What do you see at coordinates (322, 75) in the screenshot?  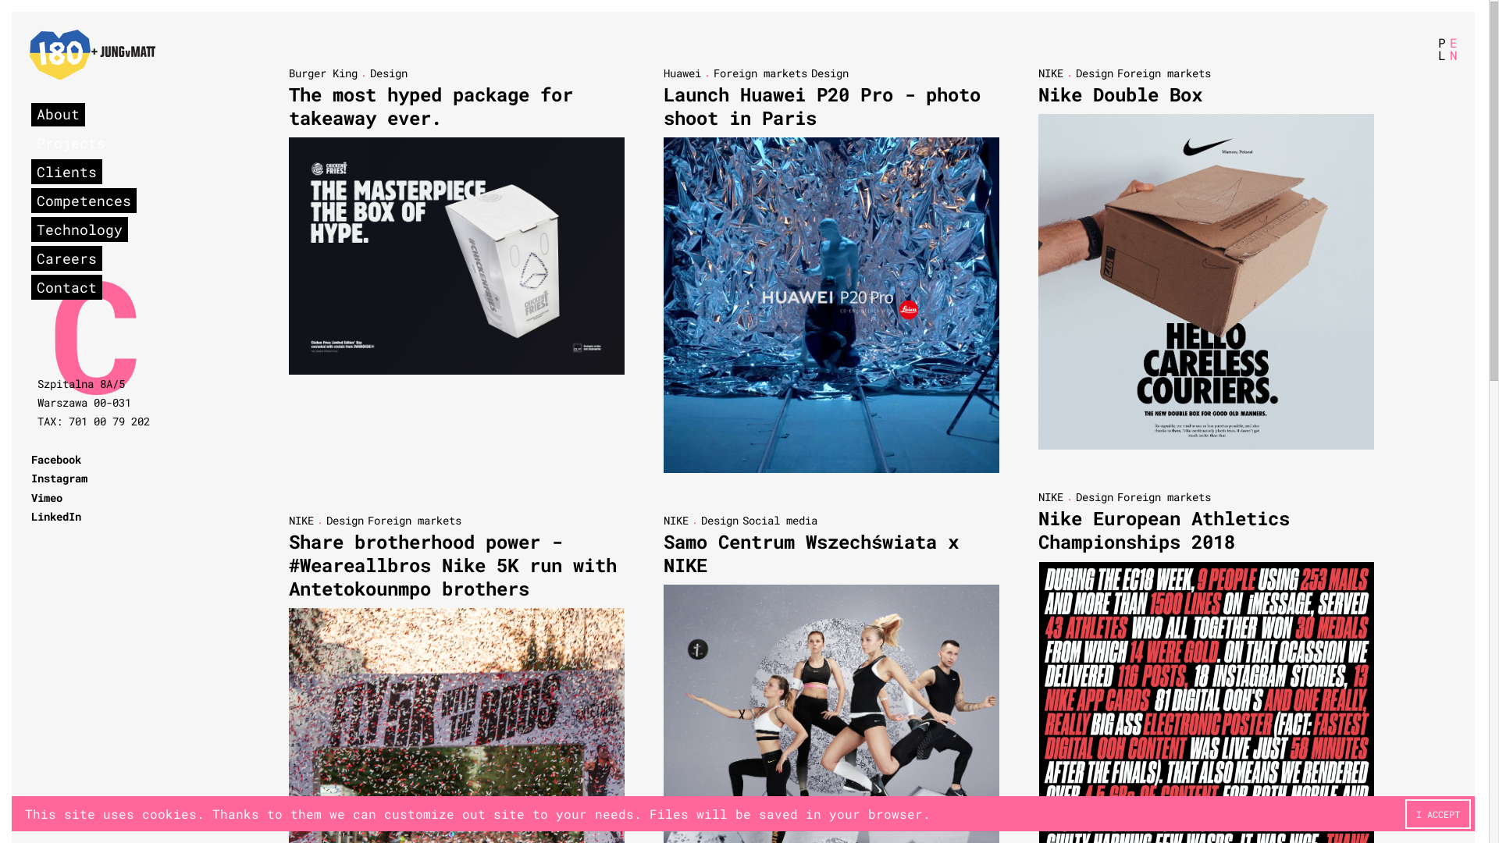 I see `'Burger King'` at bounding box center [322, 75].